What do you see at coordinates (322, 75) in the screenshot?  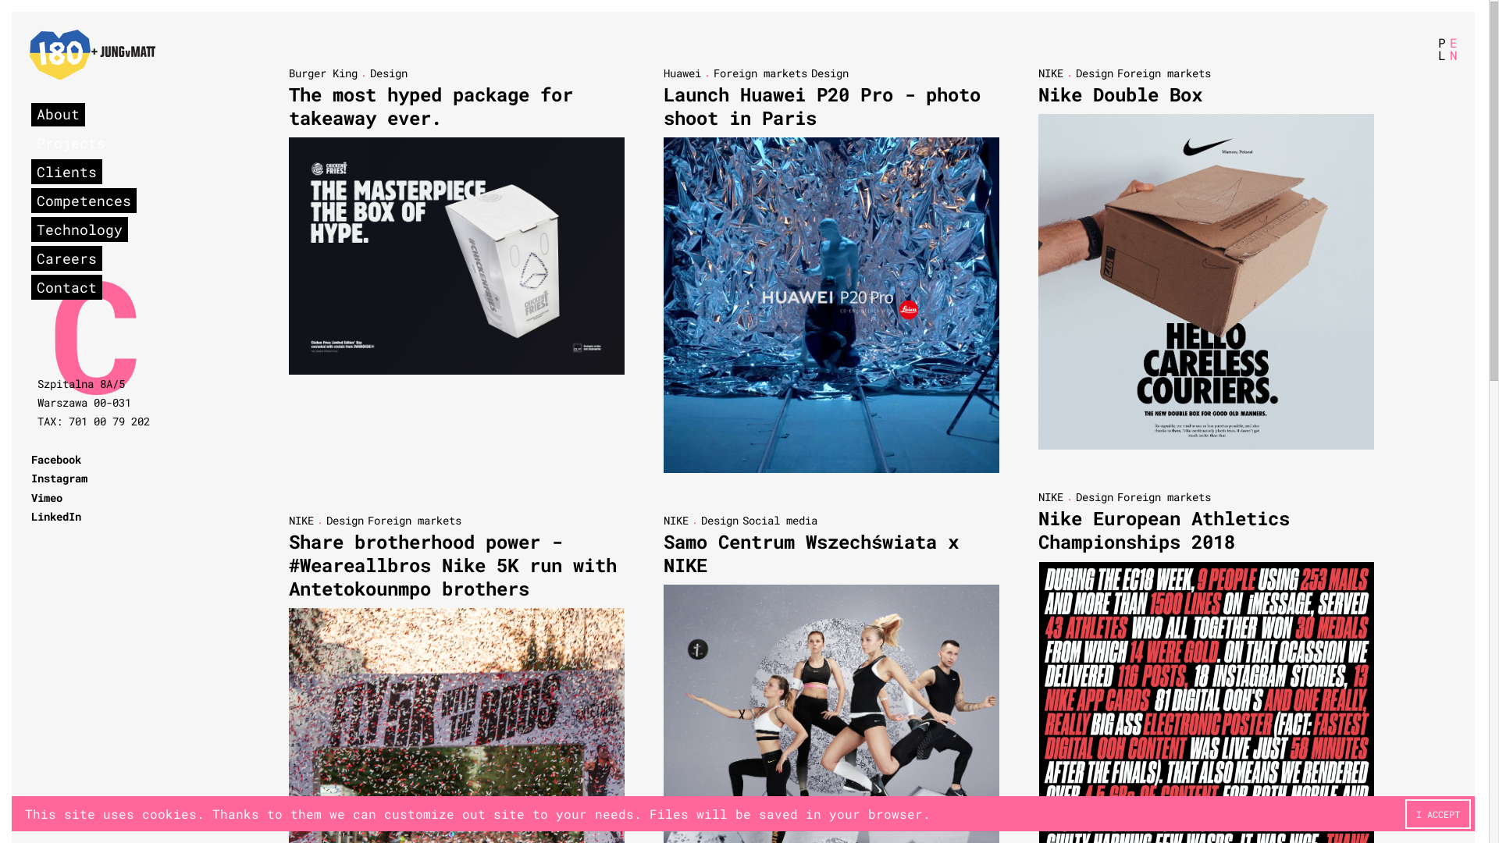 I see `'Burger King'` at bounding box center [322, 75].